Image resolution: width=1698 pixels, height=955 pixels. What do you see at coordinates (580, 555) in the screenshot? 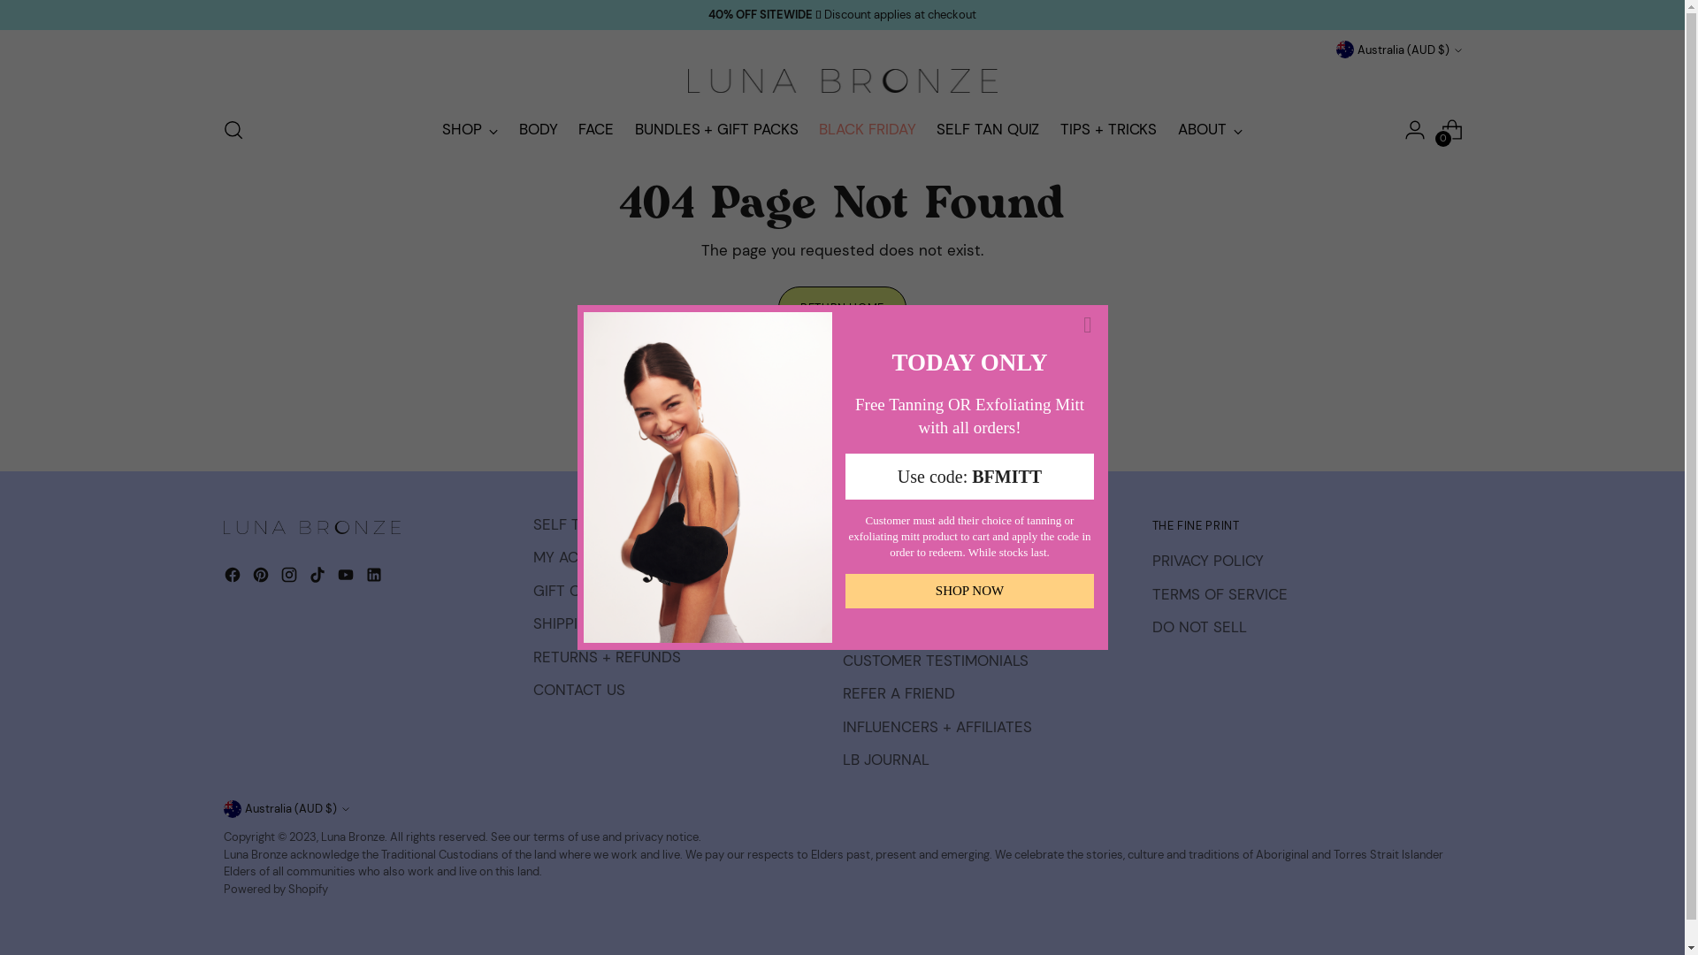
I see `'MY ACCOUNT'` at bounding box center [580, 555].